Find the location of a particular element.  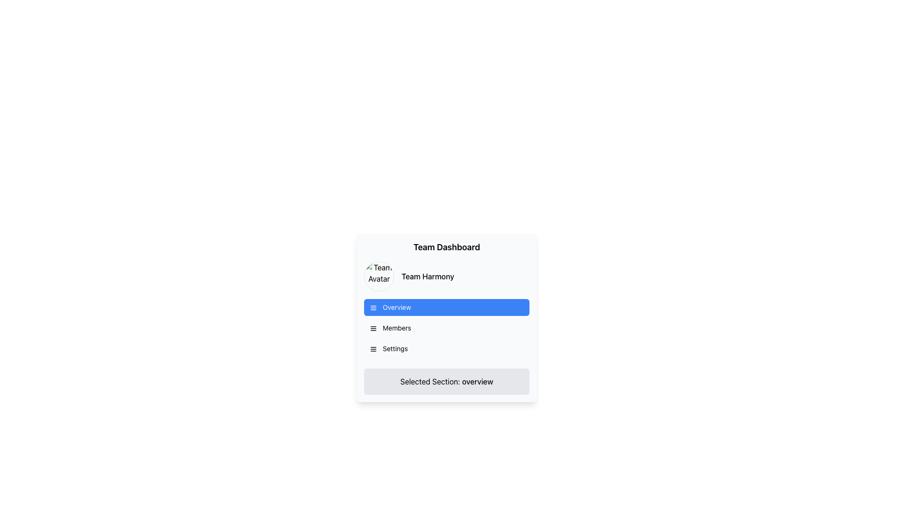

the 'Overview' menu item in the Navigation Menu of the 'Team Dashboard' is located at coordinates (446, 327).